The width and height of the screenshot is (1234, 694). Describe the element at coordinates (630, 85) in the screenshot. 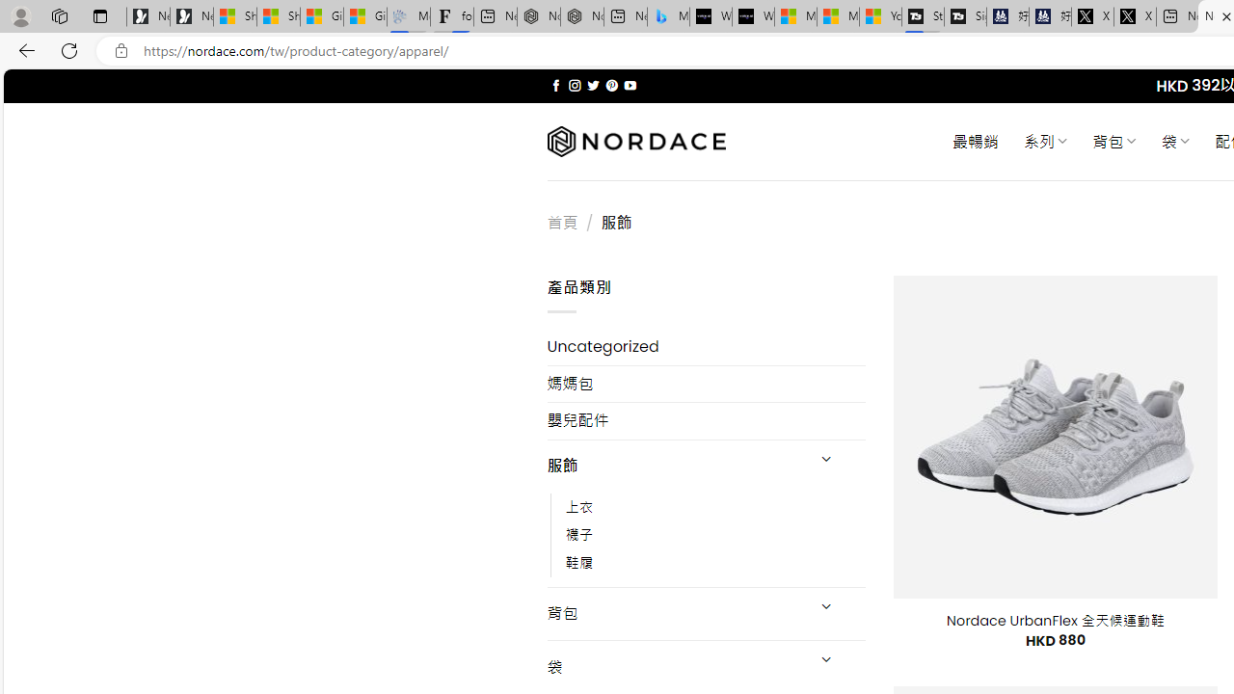

I see `'Follow on YouTube'` at that location.